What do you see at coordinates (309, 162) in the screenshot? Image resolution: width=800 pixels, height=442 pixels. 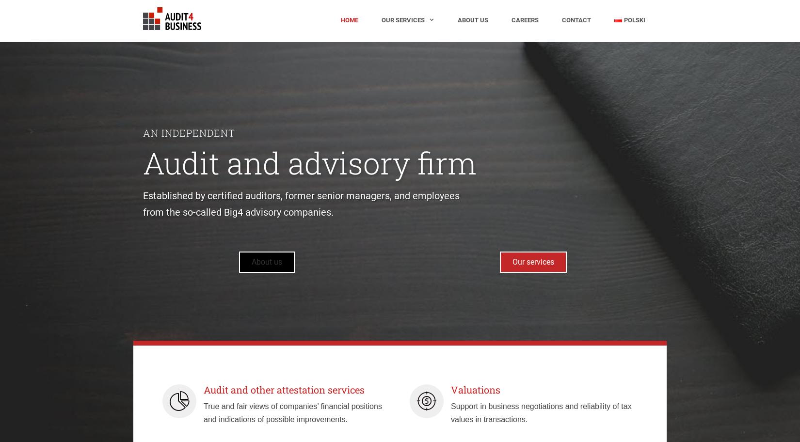 I see `'Audit and advisory firm'` at bounding box center [309, 162].